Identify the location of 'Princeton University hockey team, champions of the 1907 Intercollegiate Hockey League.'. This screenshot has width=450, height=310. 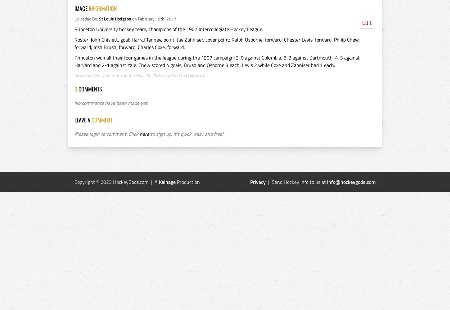
(169, 29).